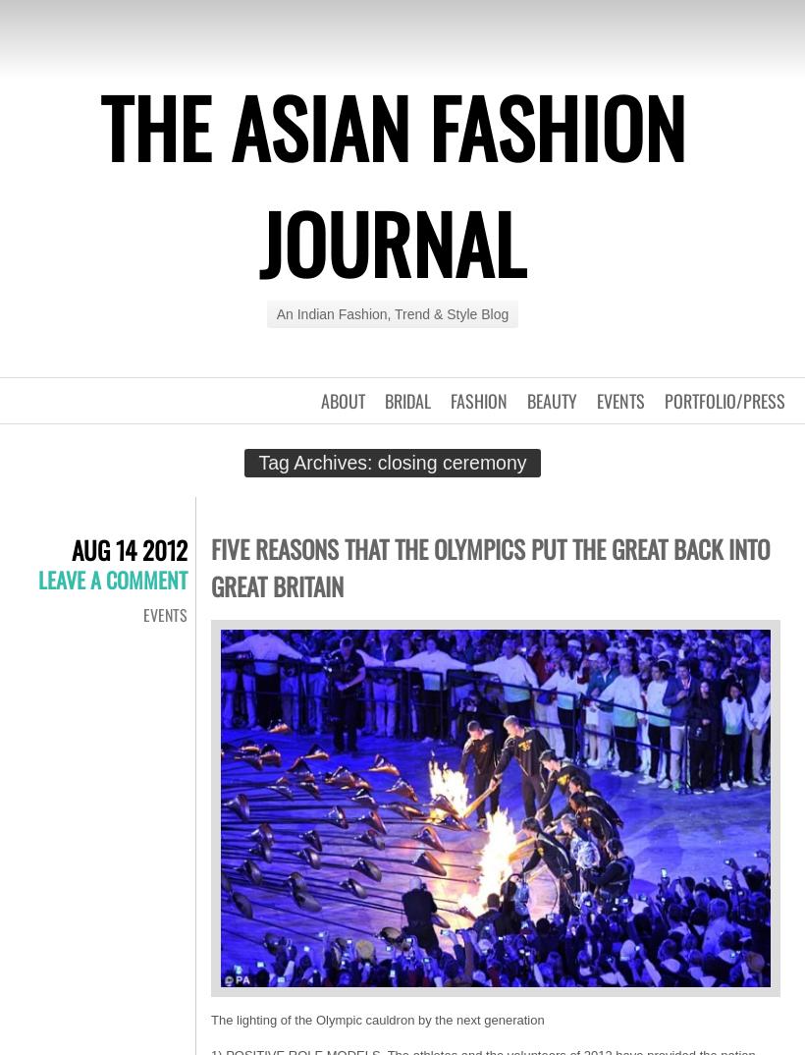 This screenshot has height=1055, width=805. I want to click on 'Tag Archives:', so click(316, 461).